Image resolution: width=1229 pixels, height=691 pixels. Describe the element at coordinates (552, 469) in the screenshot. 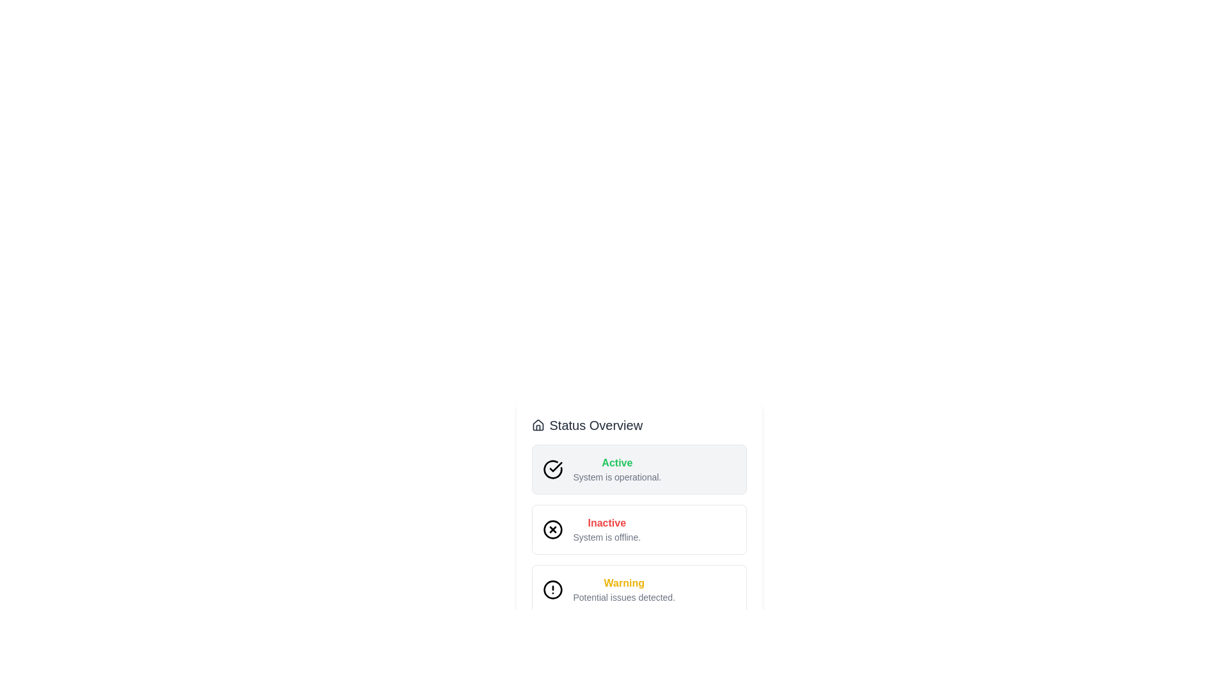

I see `the decorative icon representing an active status, located adjacent to the 'Active' label in the topmost panel, conveying that the system is operational` at that location.